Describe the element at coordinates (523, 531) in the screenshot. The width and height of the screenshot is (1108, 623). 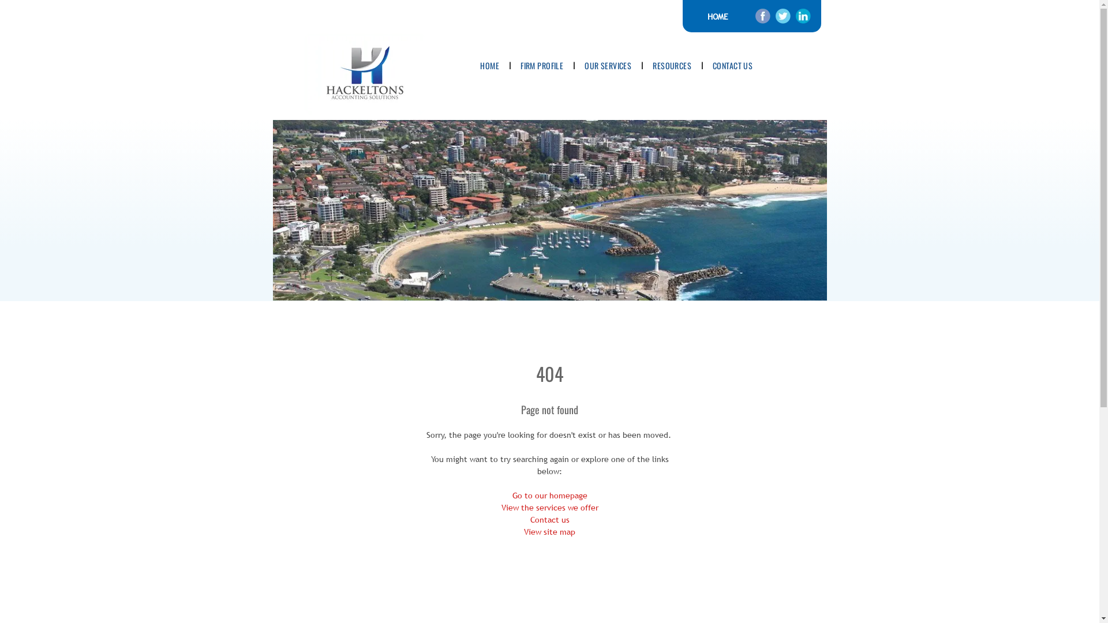
I see `'View site map'` at that location.